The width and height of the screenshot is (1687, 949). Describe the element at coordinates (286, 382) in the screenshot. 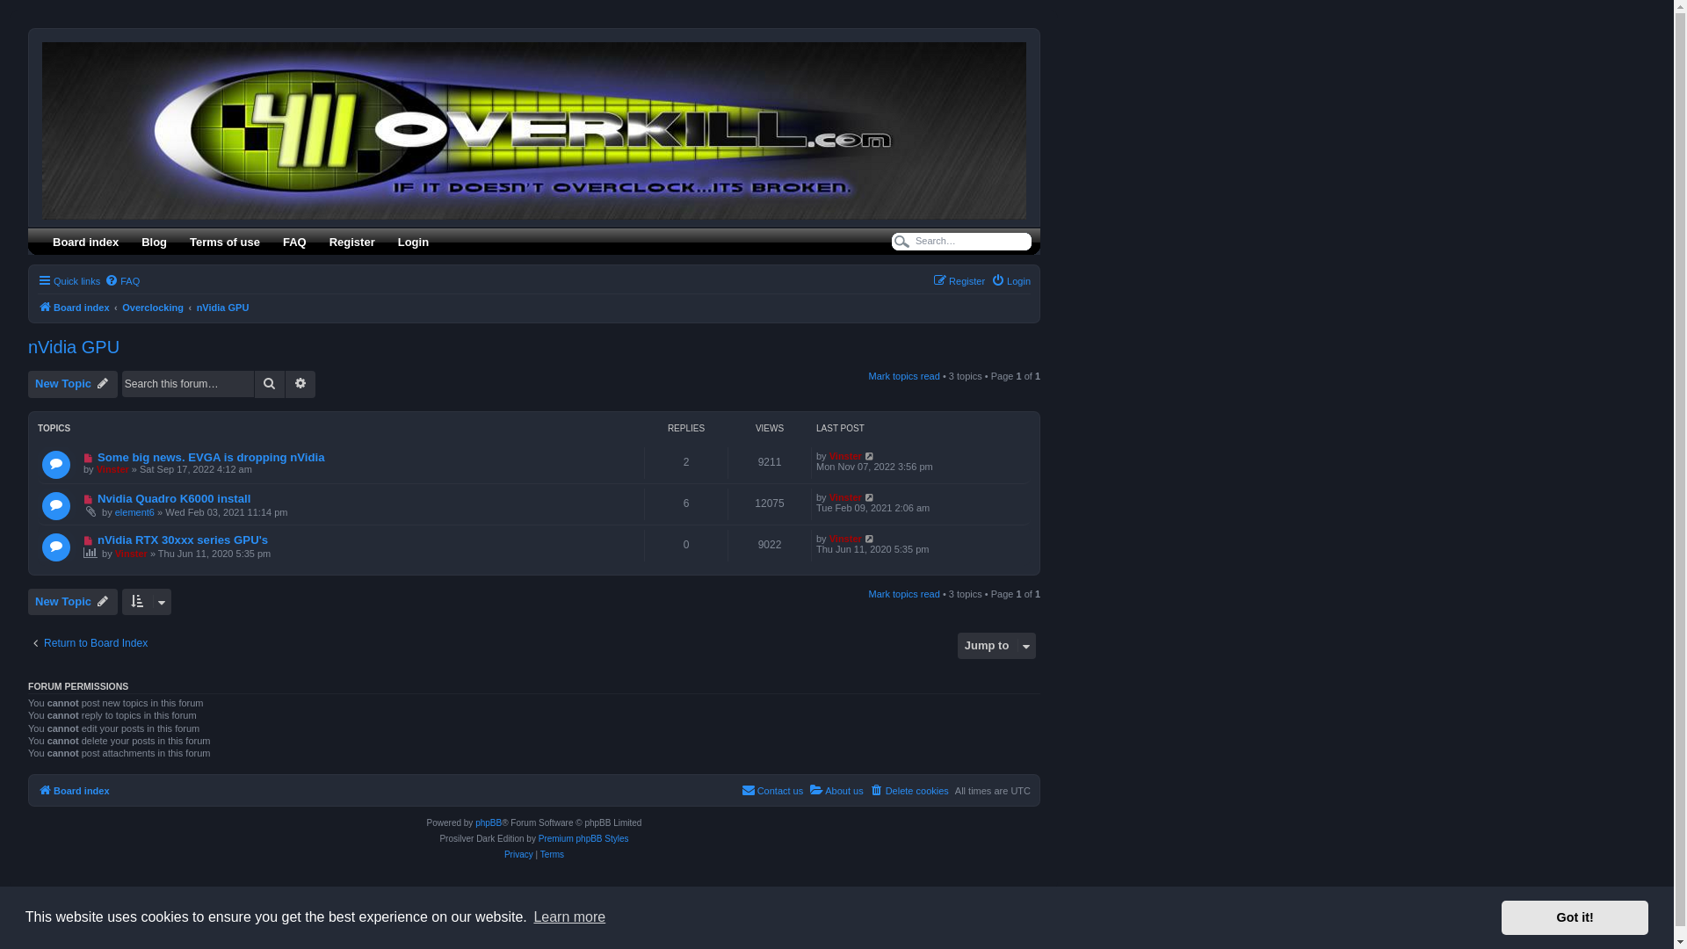

I see `'Advanced search'` at that location.